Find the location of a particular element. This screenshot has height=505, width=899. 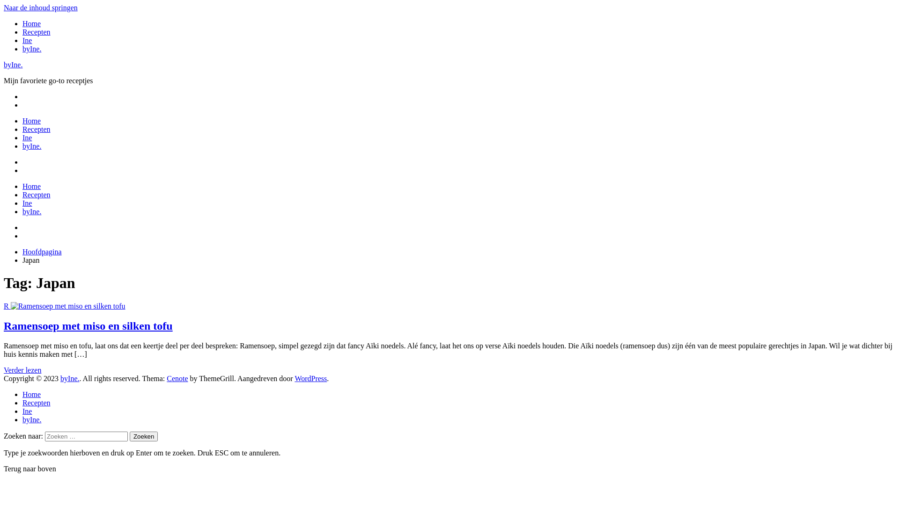

'byIne.' is located at coordinates (31, 146).